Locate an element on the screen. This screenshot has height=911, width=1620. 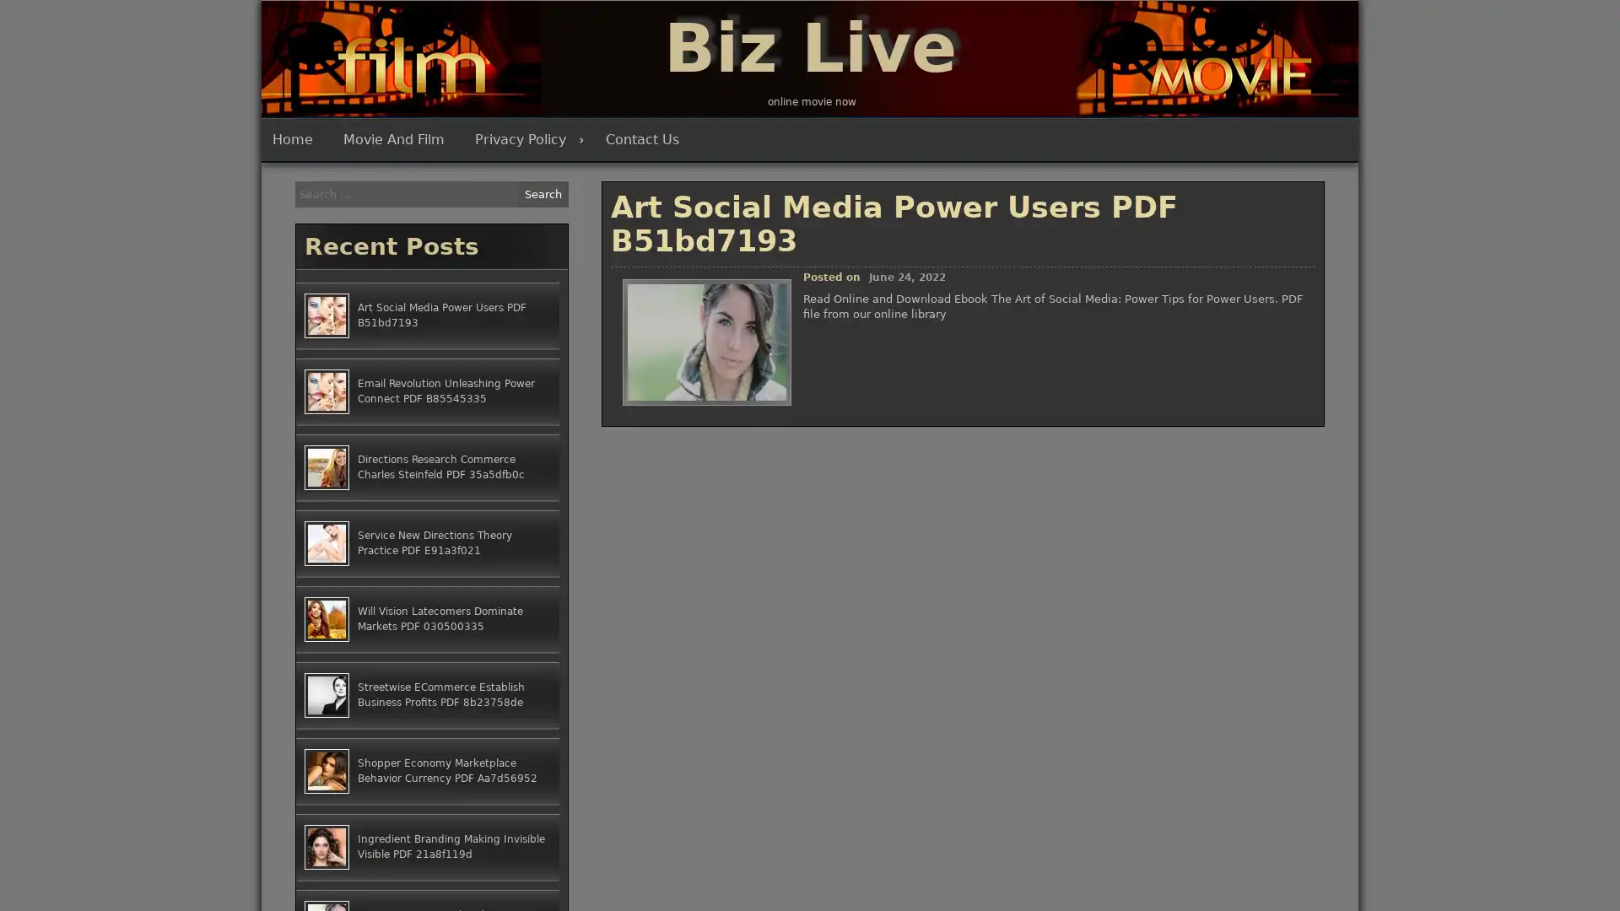
Search is located at coordinates (543, 193).